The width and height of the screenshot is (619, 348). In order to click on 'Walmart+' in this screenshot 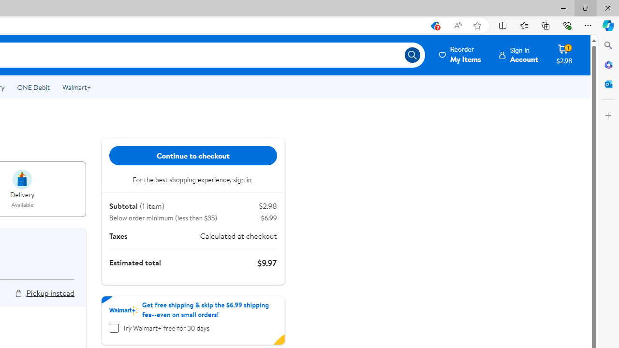, I will do `click(76, 87)`.